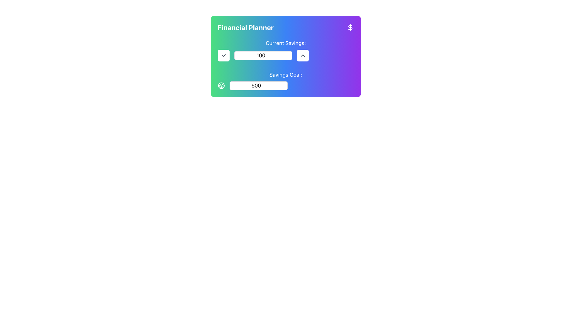 The image size is (563, 316). Describe the element at coordinates (223, 55) in the screenshot. I see `the downward-pointing chevron icon located in the rounded square button next to the 'Current Savings' input field` at that location.